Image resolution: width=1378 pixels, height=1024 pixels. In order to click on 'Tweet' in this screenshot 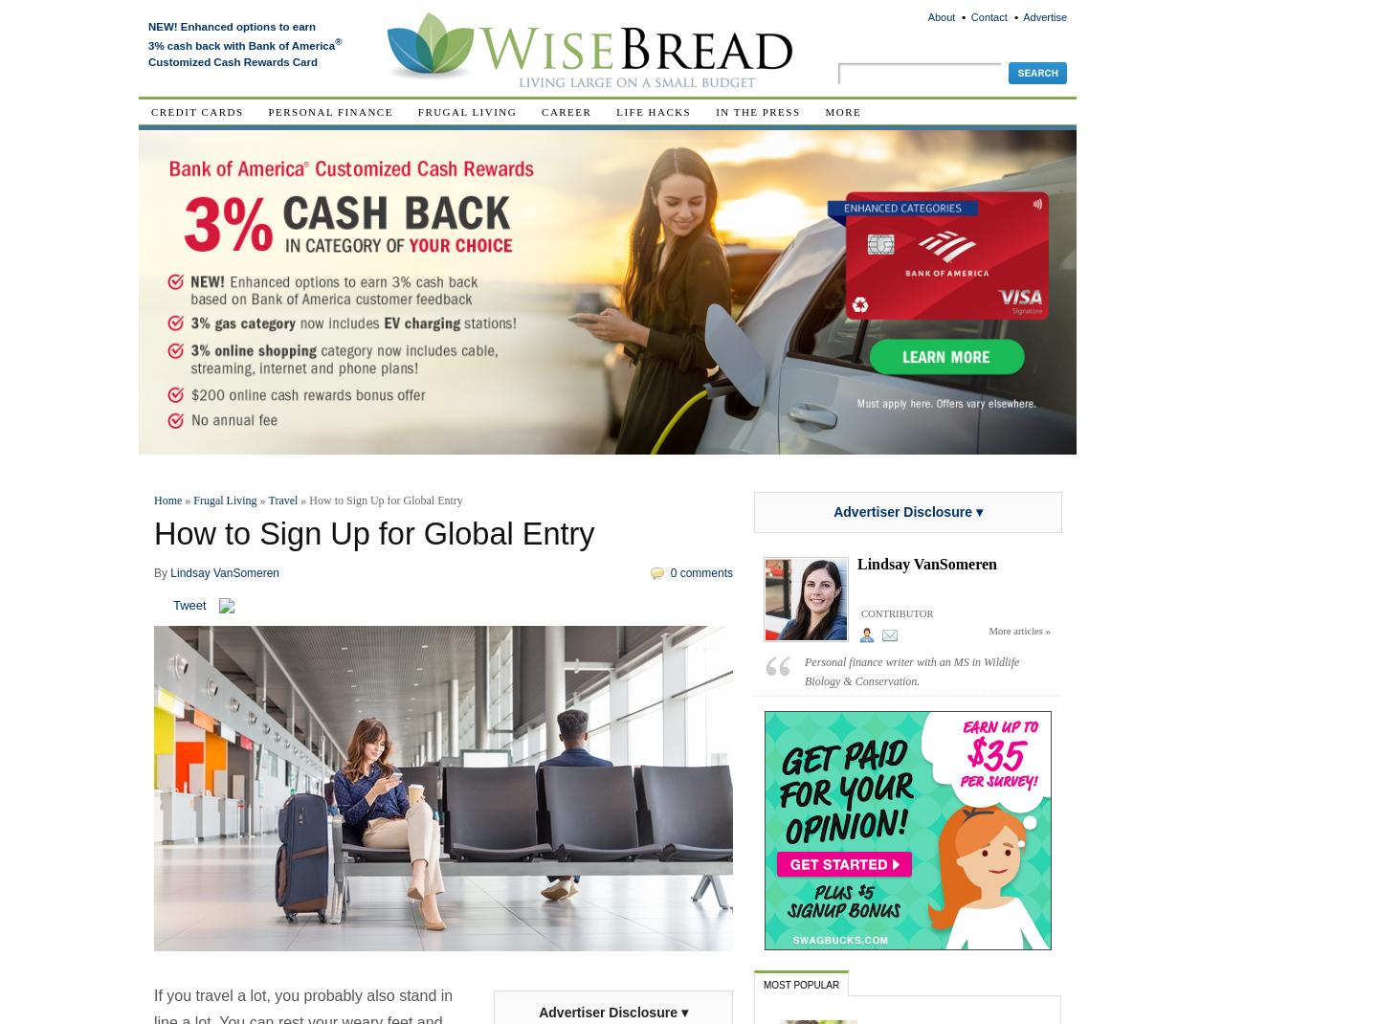, I will do `click(189, 604)`.